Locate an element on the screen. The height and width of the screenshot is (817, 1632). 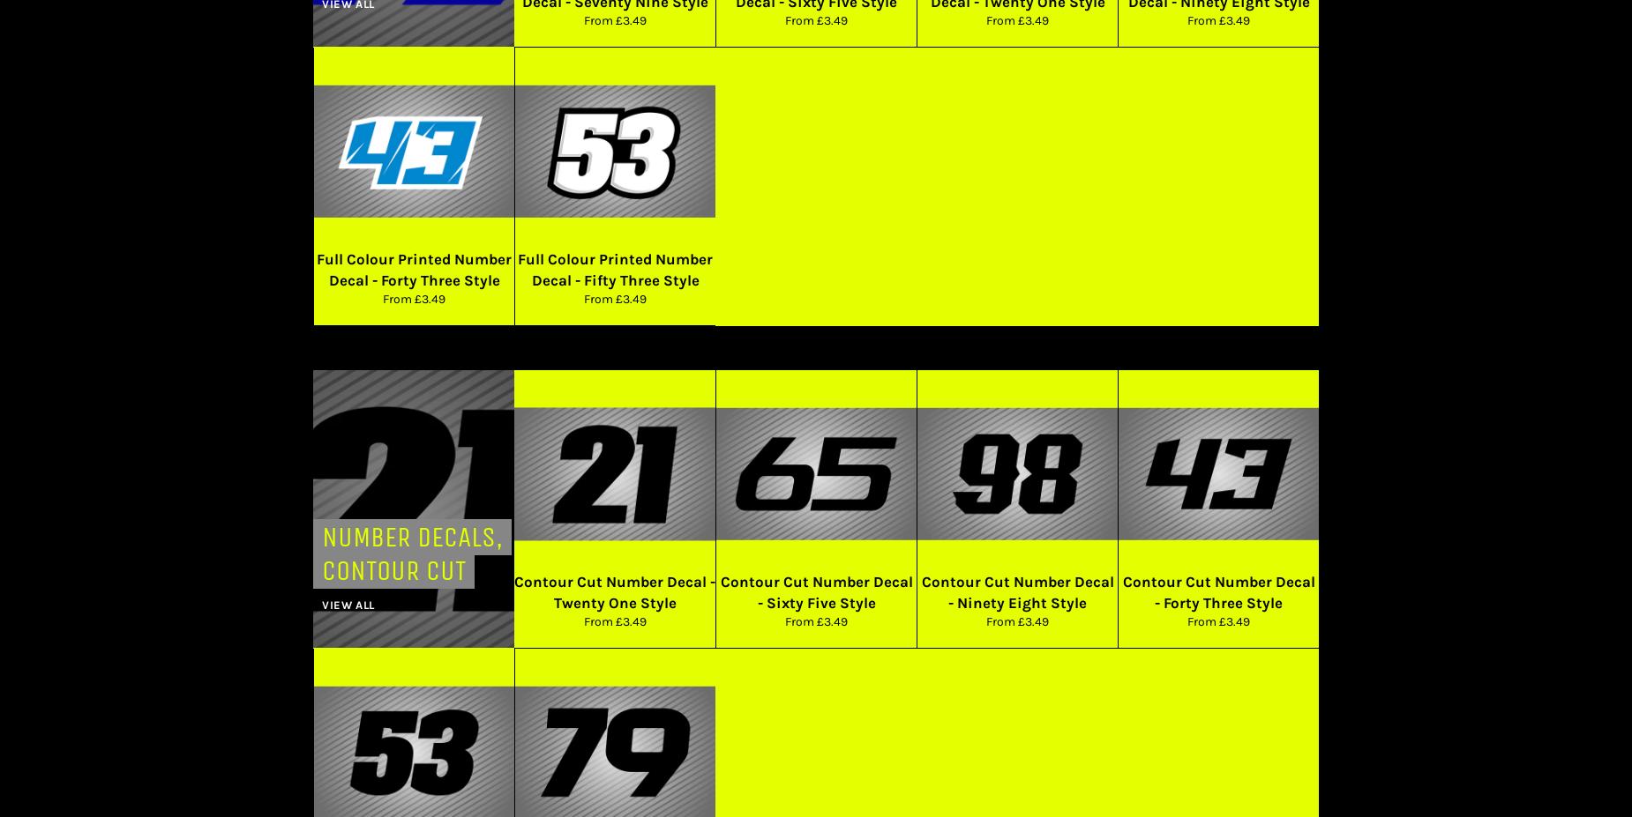
'Contour Cut Number Decal - Sixty Five Style' is located at coordinates (816, 590).